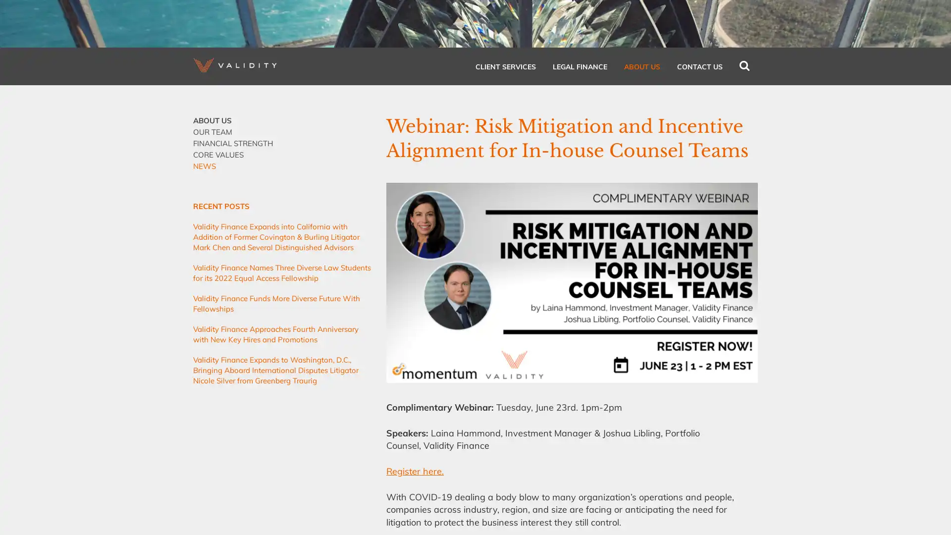 Image resolution: width=951 pixels, height=535 pixels. What do you see at coordinates (506, 215) in the screenshot?
I see `Download Now` at bounding box center [506, 215].